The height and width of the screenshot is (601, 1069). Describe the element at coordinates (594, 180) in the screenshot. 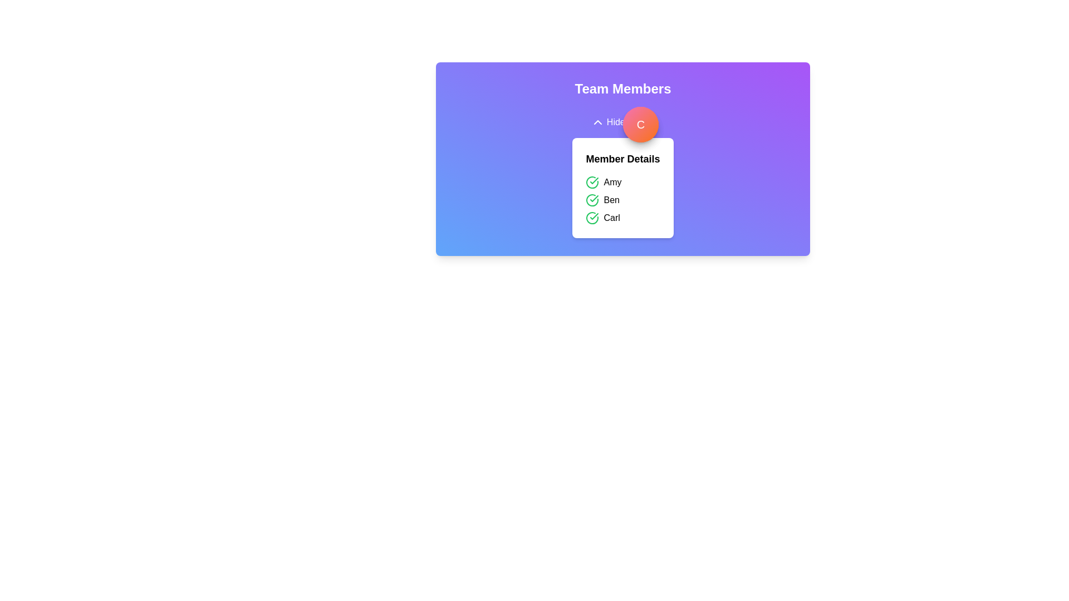

I see `the decorative icon indicating the completion or validation of member 'Ben' in the Member Details list` at that location.